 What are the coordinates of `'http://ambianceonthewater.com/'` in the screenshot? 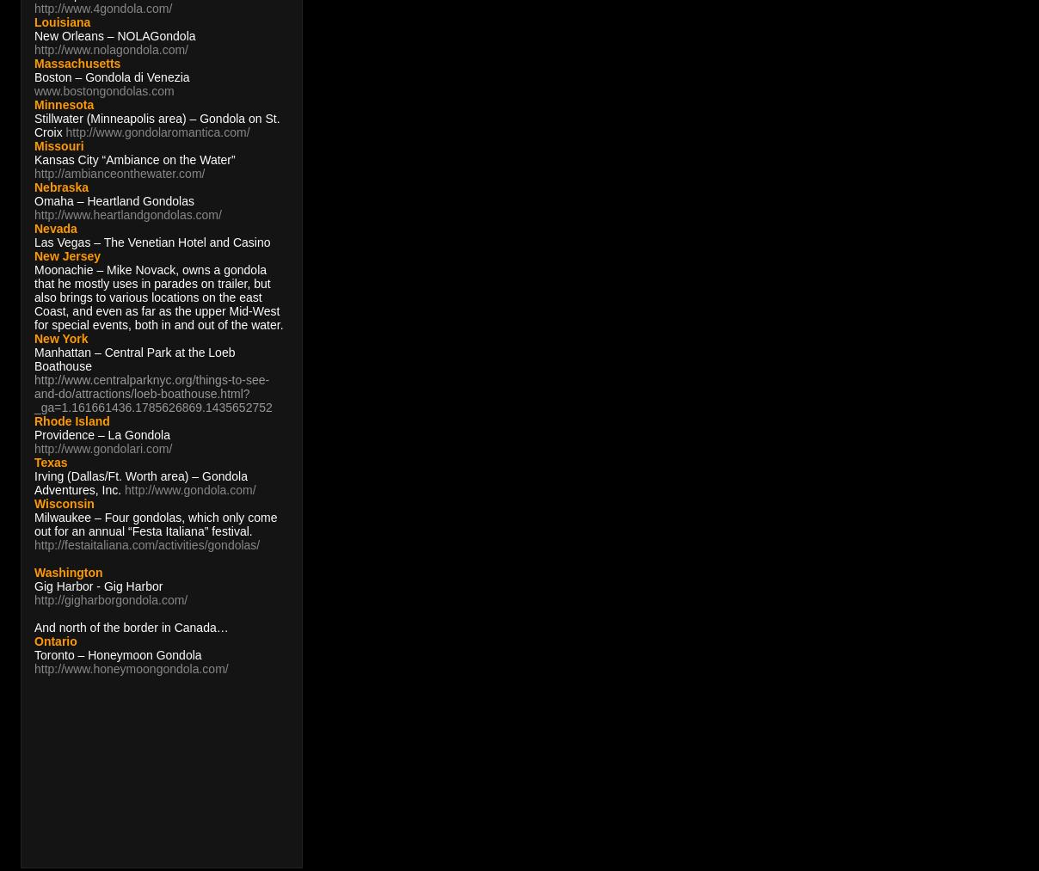 It's located at (33, 173).